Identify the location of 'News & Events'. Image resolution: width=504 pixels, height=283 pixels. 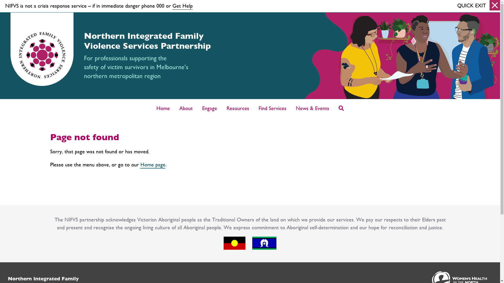
(312, 108).